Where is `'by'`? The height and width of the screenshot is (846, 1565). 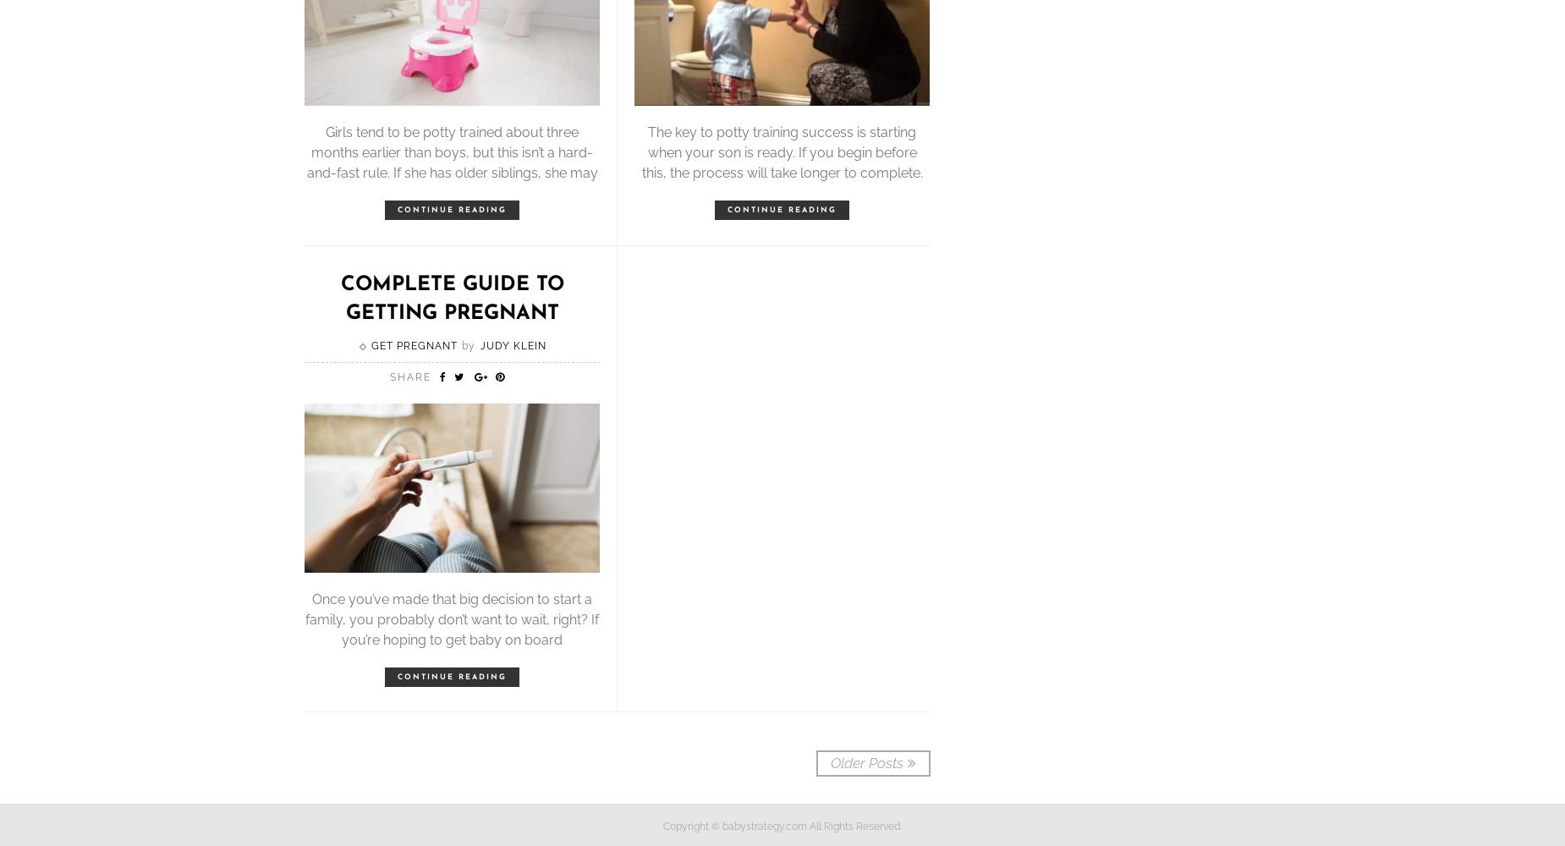
'by' is located at coordinates (467, 346).